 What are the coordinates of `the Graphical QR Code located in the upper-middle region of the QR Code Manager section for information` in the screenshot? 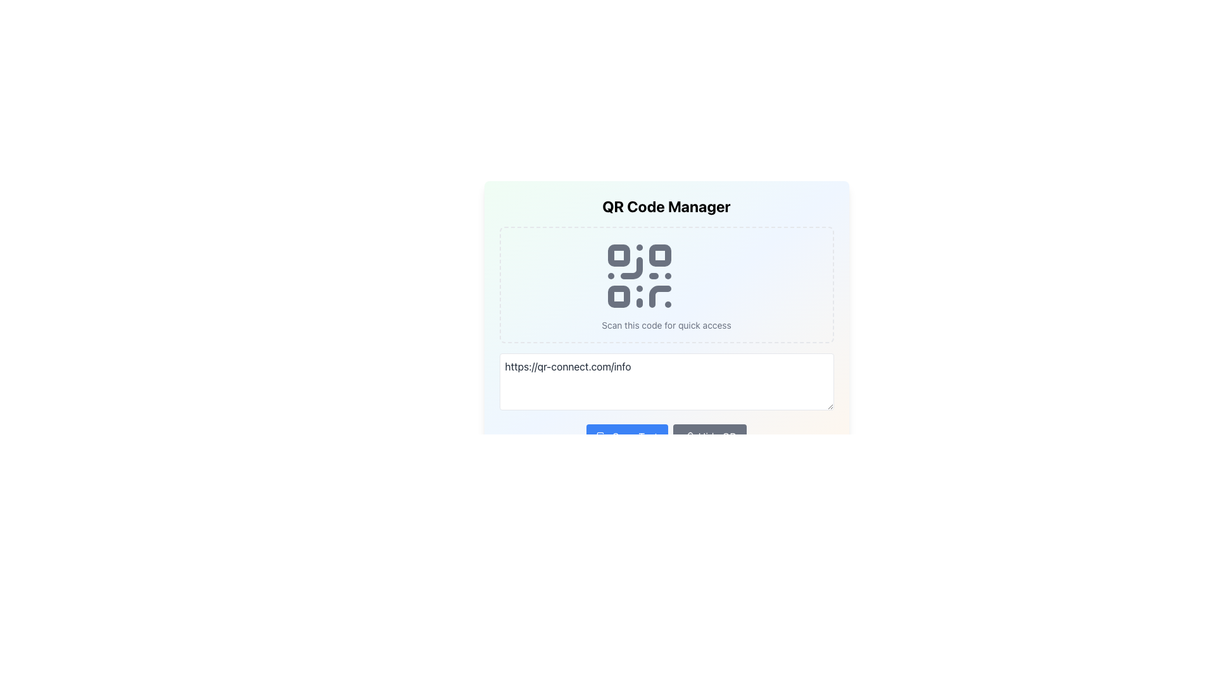 It's located at (640, 275).